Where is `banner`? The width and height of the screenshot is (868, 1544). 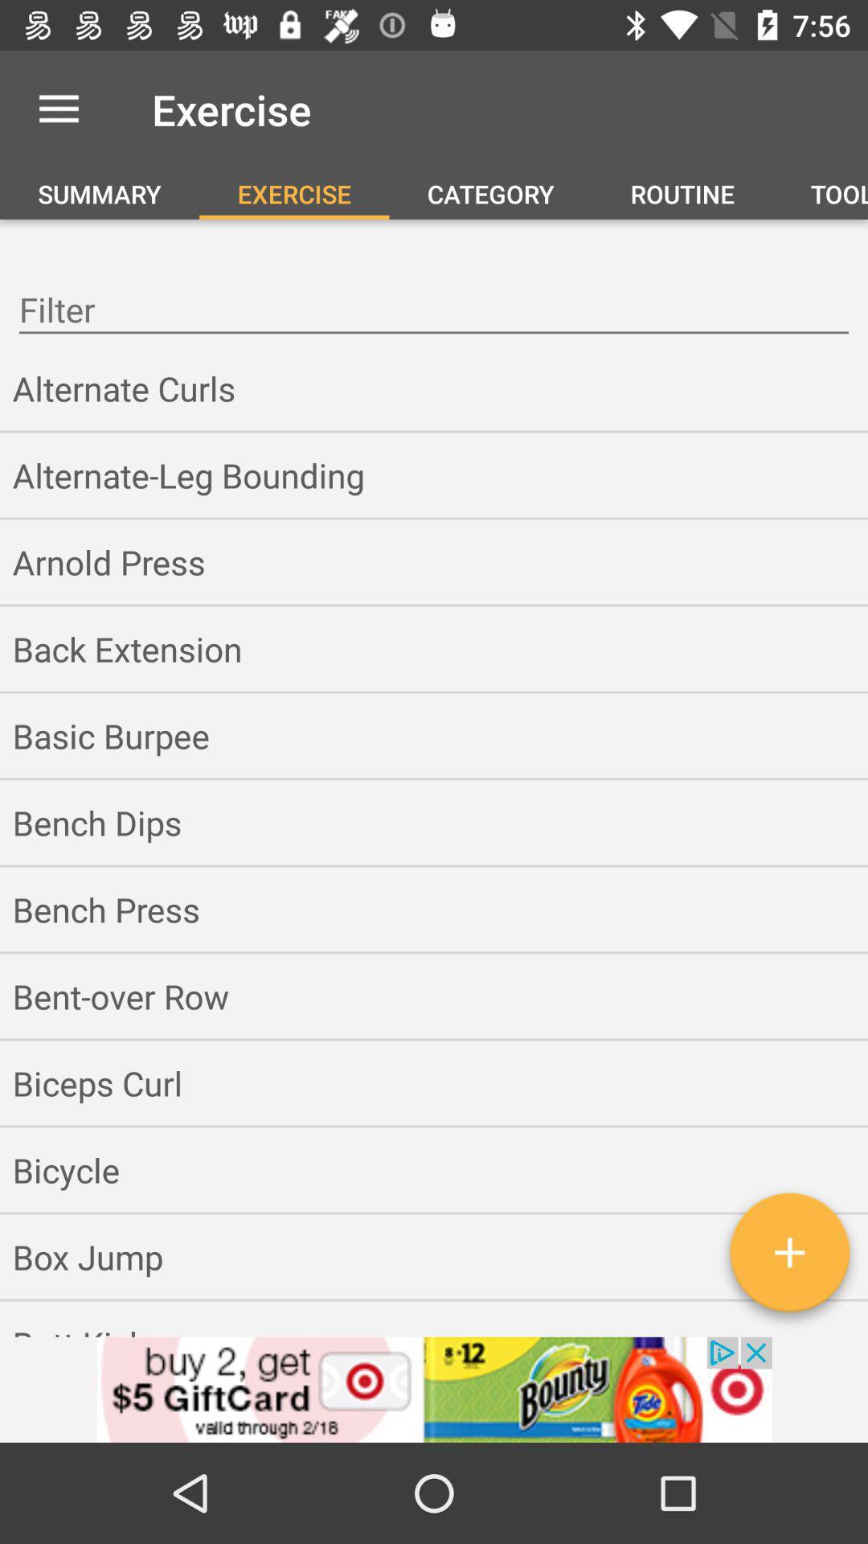
banner is located at coordinates (434, 1389).